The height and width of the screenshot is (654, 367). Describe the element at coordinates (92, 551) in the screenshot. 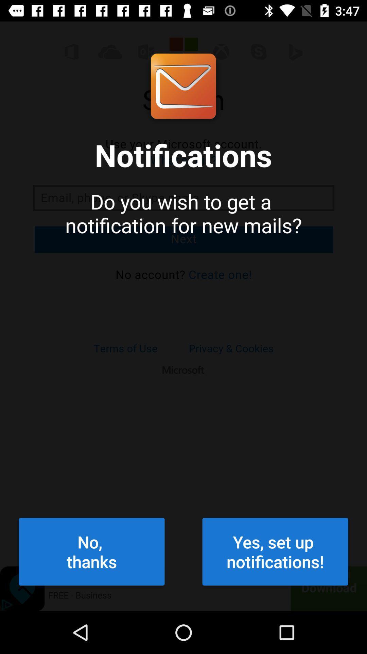

I see `the item at the bottom left corner` at that location.